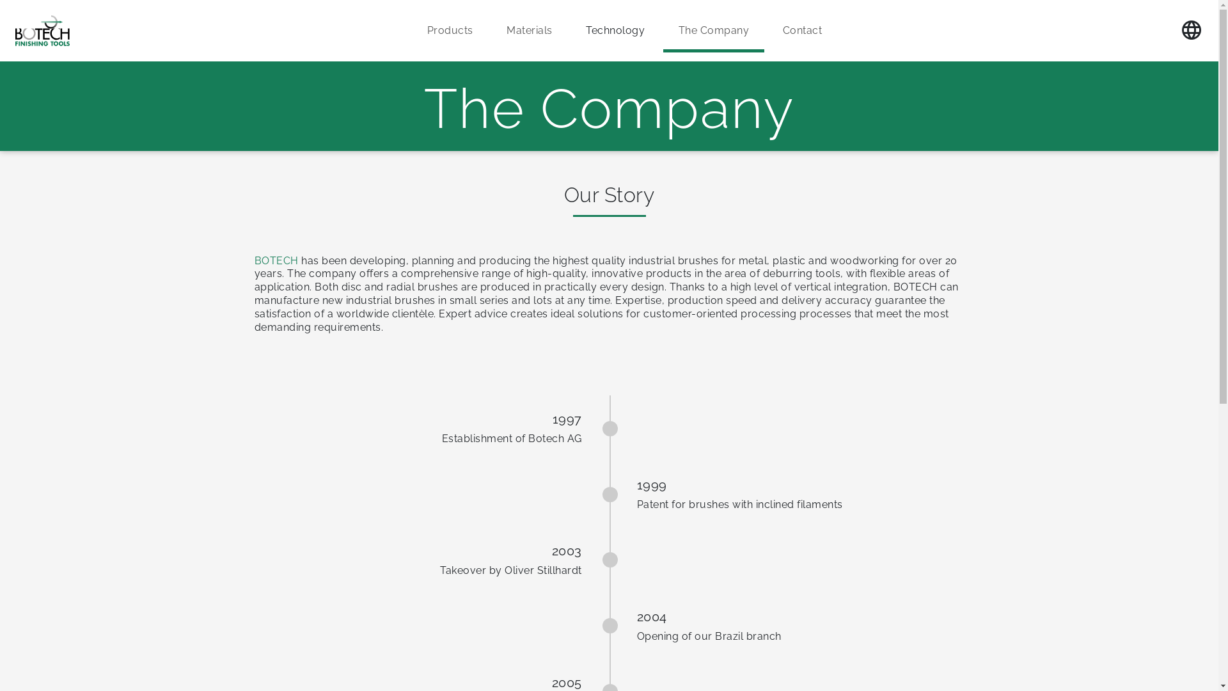 The width and height of the screenshot is (1228, 691). What do you see at coordinates (411, 30) in the screenshot?
I see `'Products'` at bounding box center [411, 30].